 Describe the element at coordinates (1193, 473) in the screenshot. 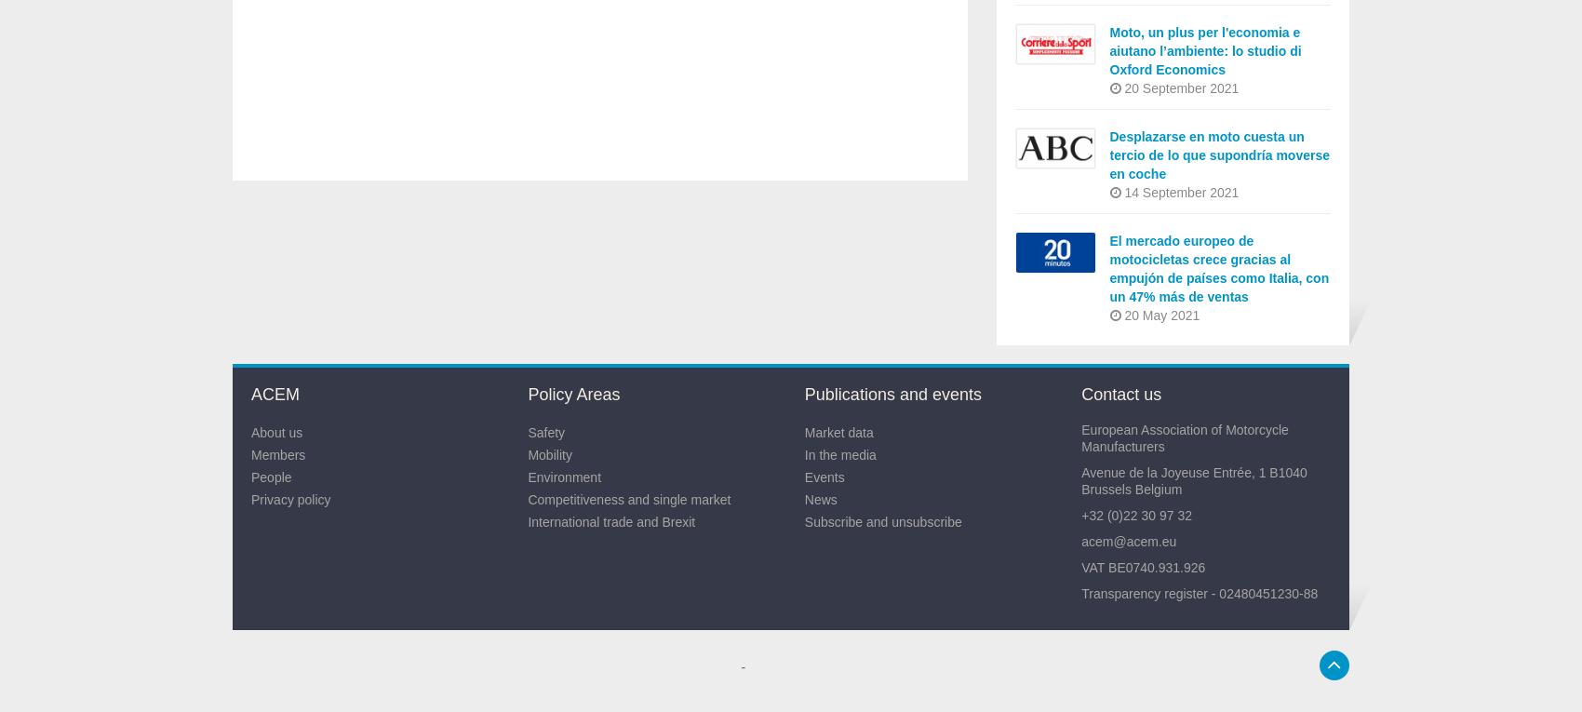

I see `'Avenue de la Joyeuse Entrée, 1 B1040'` at that location.